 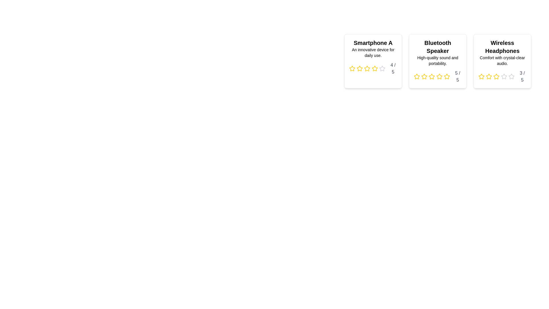 What do you see at coordinates (375, 68) in the screenshot?
I see `the star corresponding to the desired rating of 4 for the product` at bounding box center [375, 68].